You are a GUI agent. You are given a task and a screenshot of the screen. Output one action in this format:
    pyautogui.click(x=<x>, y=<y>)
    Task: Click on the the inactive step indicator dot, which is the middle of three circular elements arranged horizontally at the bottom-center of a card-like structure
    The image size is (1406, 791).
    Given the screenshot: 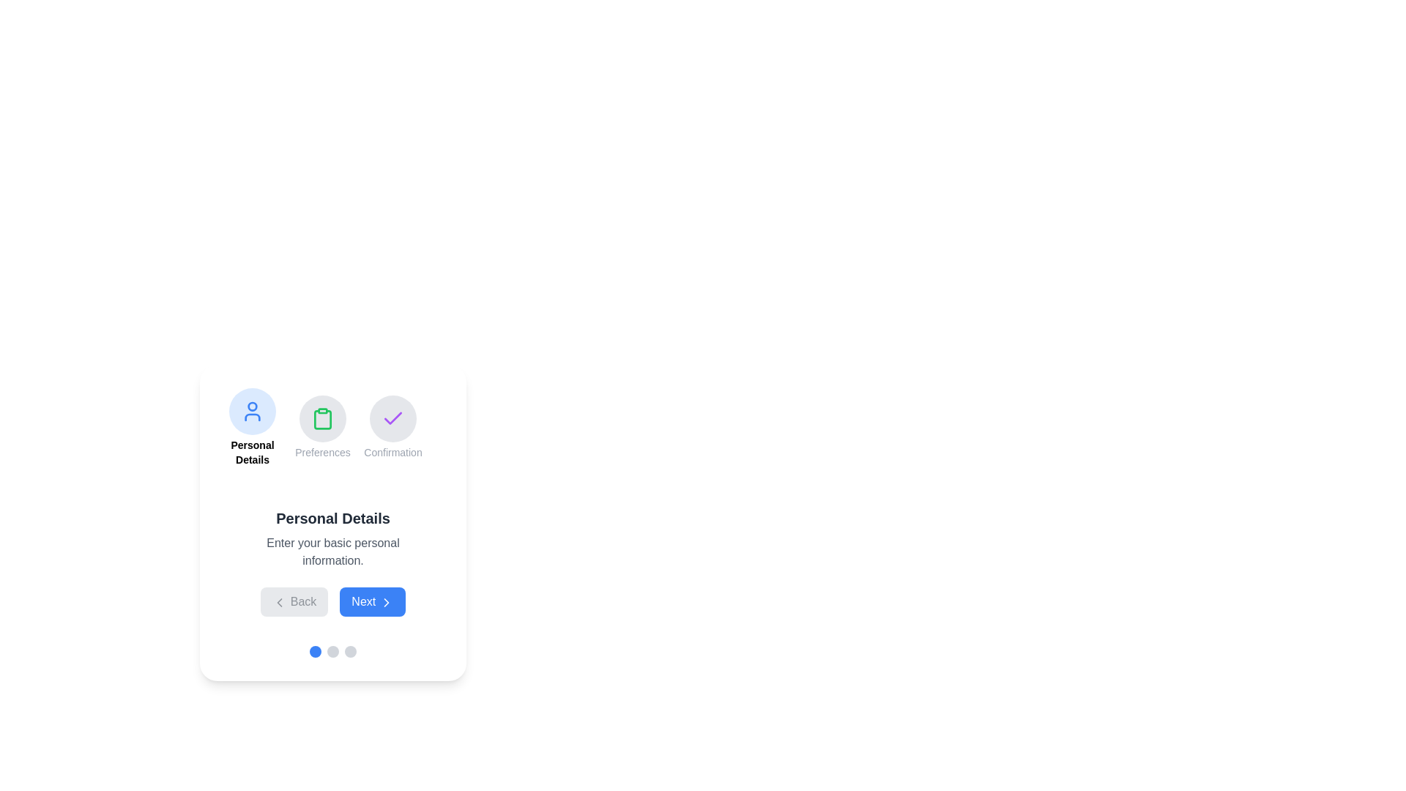 What is the action you would take?
    pyautogui.click(x=332, y=651)
    